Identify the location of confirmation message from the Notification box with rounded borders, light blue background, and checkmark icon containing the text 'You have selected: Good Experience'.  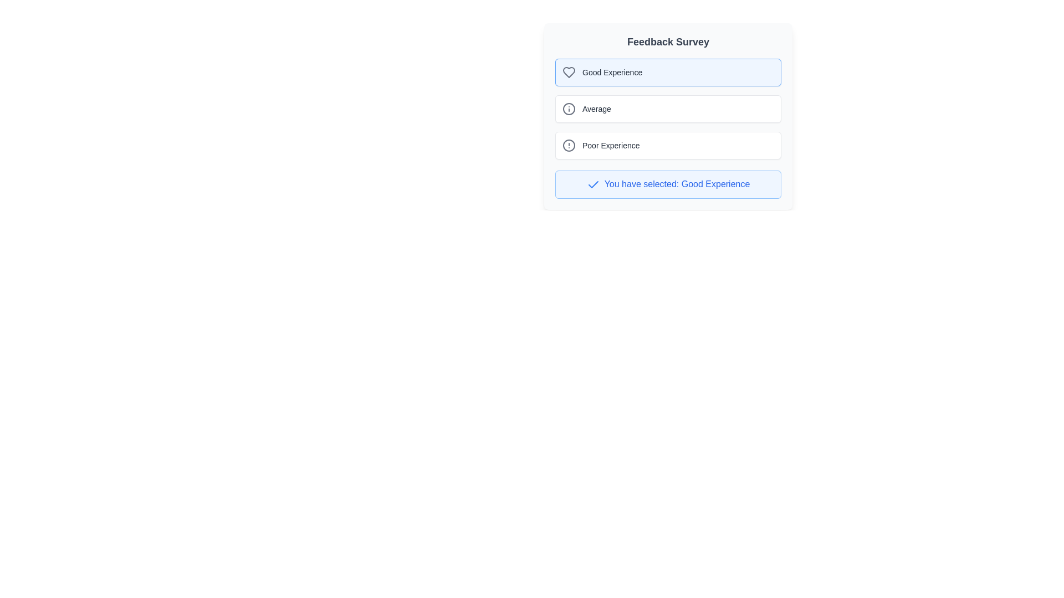
(667, 183).